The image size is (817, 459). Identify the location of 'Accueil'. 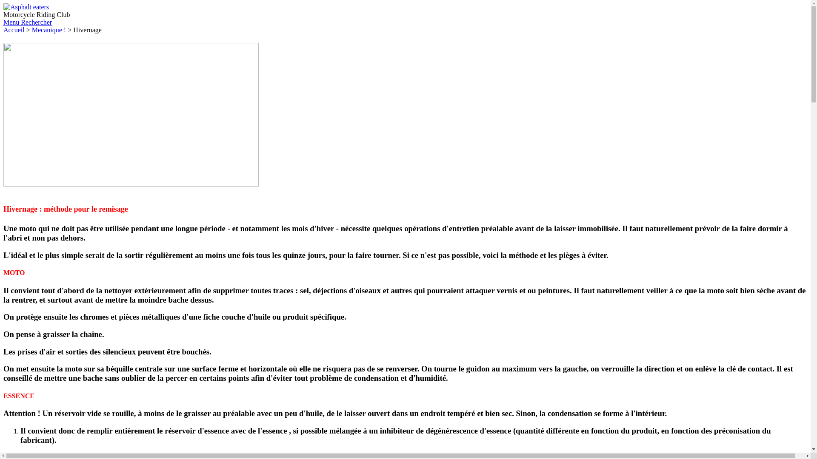
(14, 29).